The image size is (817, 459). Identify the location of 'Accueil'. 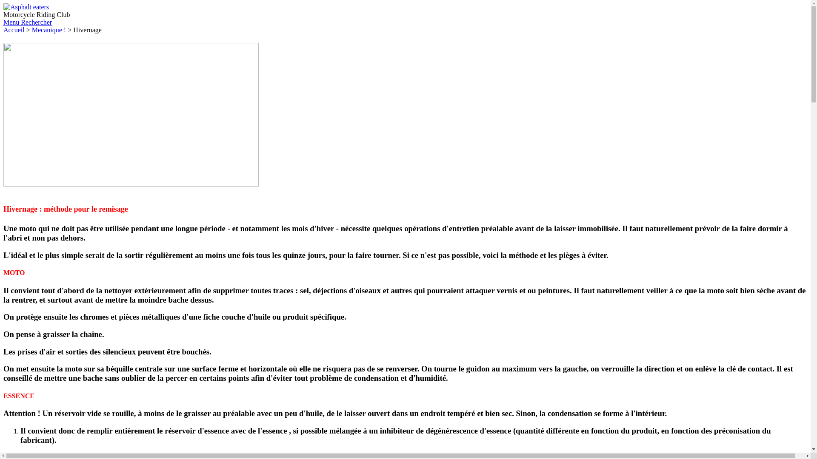
(14, 29).